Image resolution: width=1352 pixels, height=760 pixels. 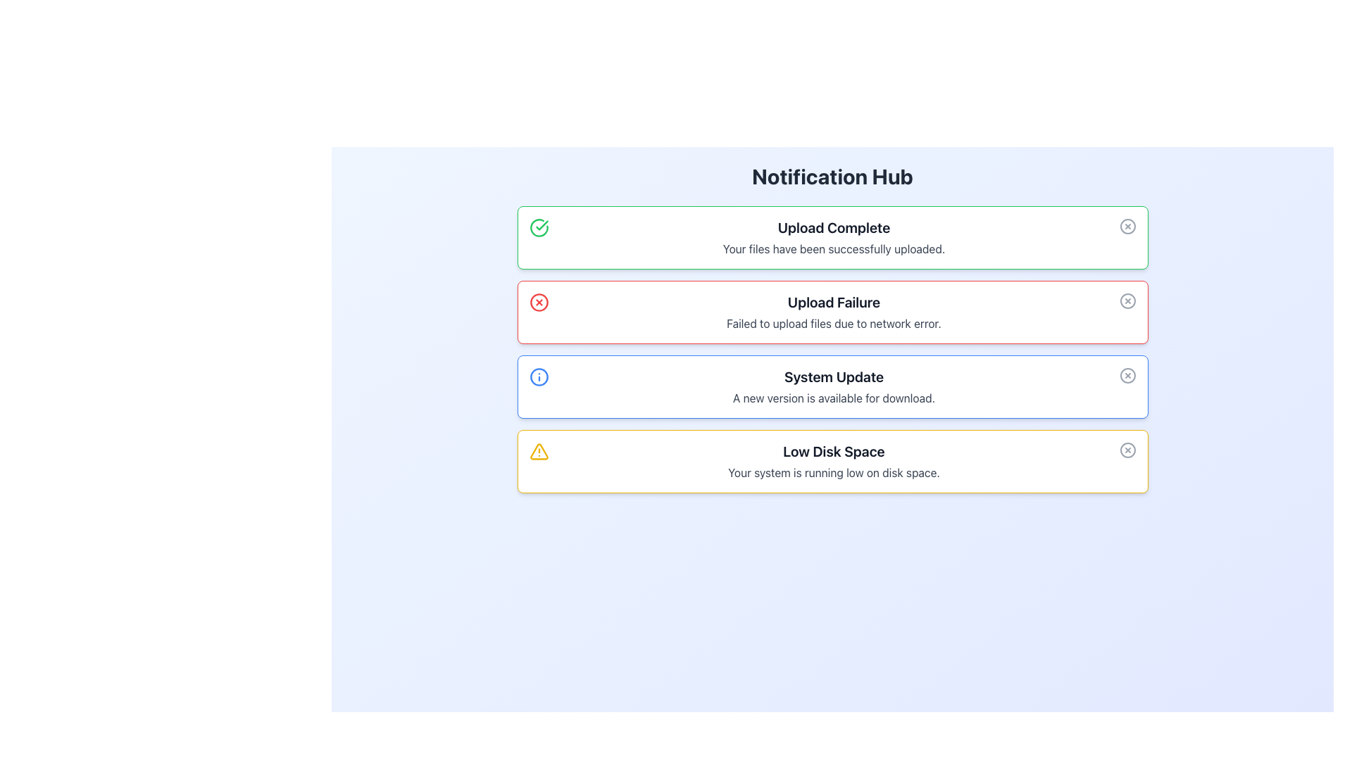 I want to click on static notification message indicating successful completion of a file upload, which is the first notification under the 'Notification Hub' heading, so click(x=834, y=237).